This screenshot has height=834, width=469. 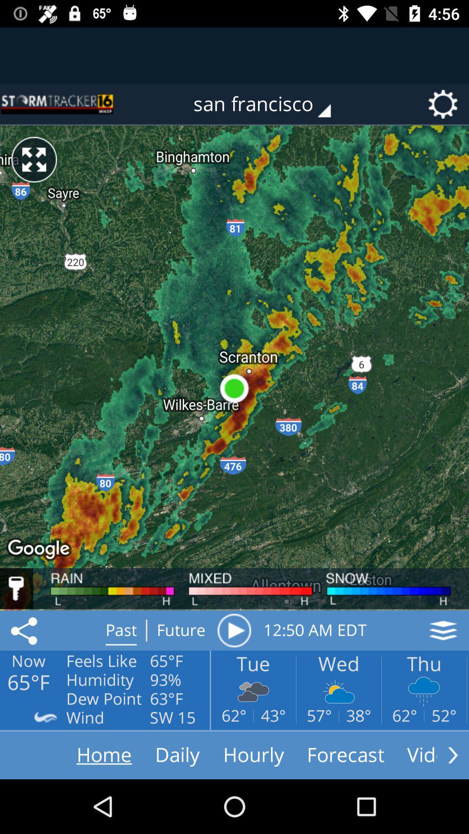 What do you see at coordinates (234, 630) in the screenshot?
I see `the icon to the left of the 12 50 am` at bounding box center [234, 630].